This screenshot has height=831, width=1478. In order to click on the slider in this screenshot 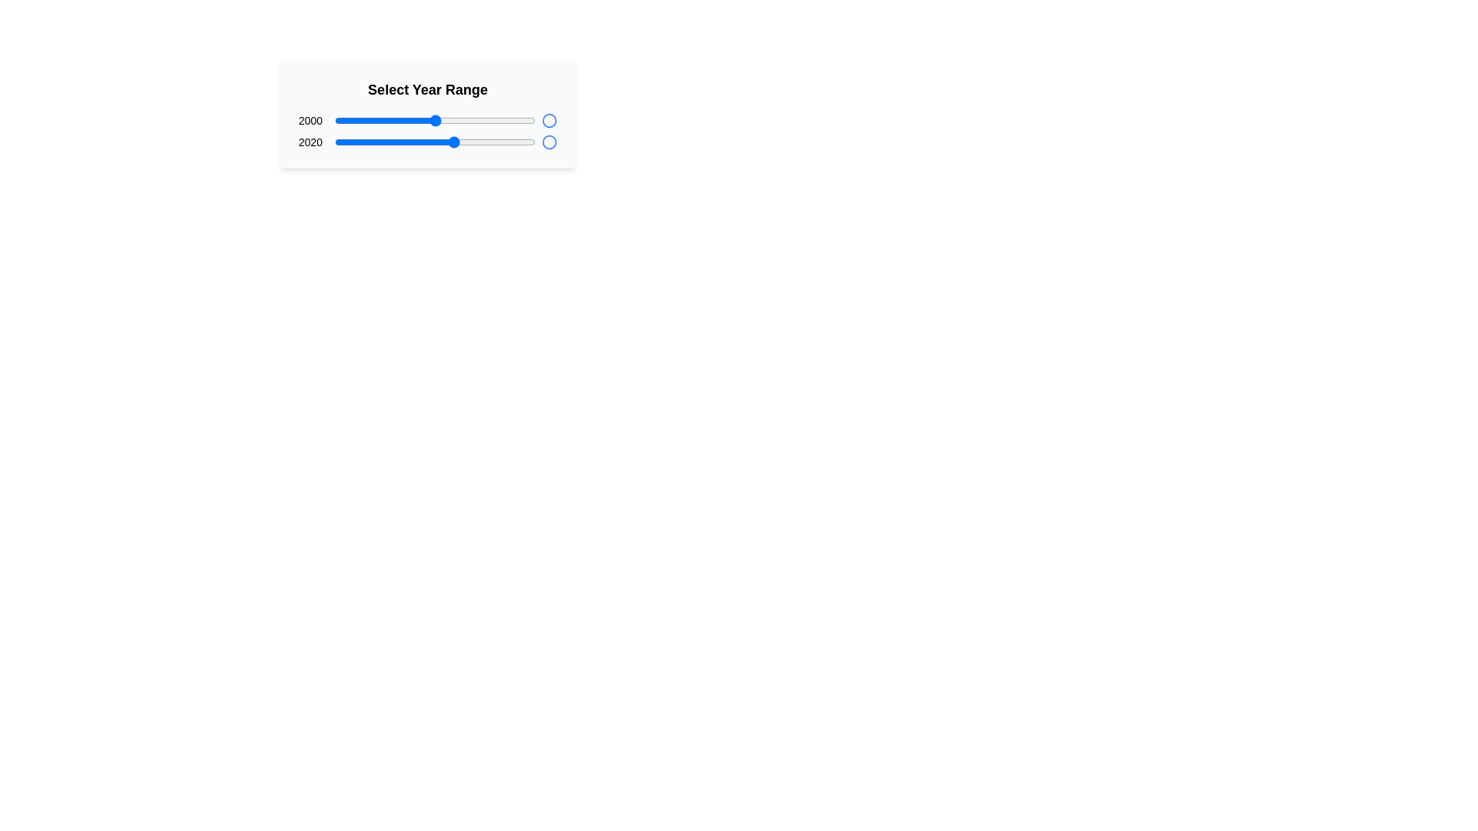, I will do `click(521, 120)`.